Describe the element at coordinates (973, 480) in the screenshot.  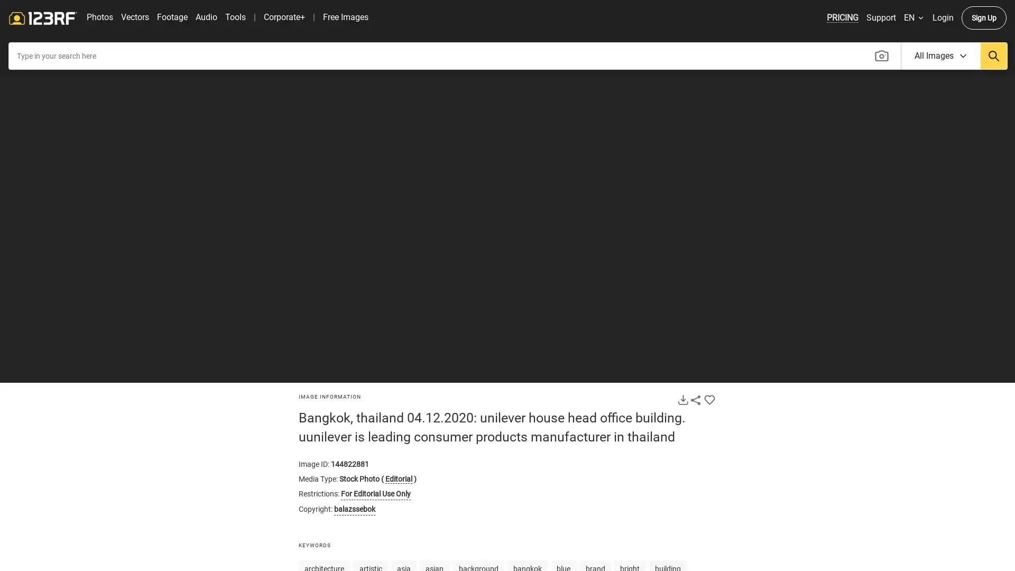
I see `INSTAGRAM_STORY Instagram story 1080 x 1920 px` at that location.